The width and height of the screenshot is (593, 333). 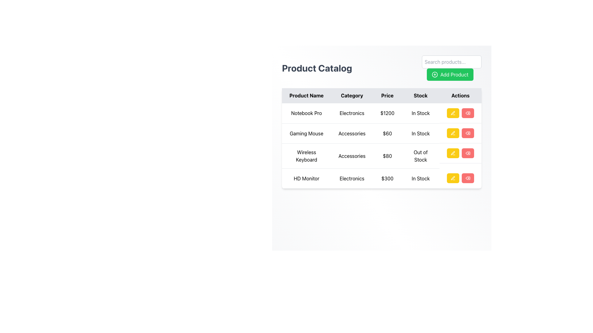 I want to click on the delete icon located in the 'Actions' column of the second row corresponding to the 'Gaming Mouse' product, so click(x=468, y=133).